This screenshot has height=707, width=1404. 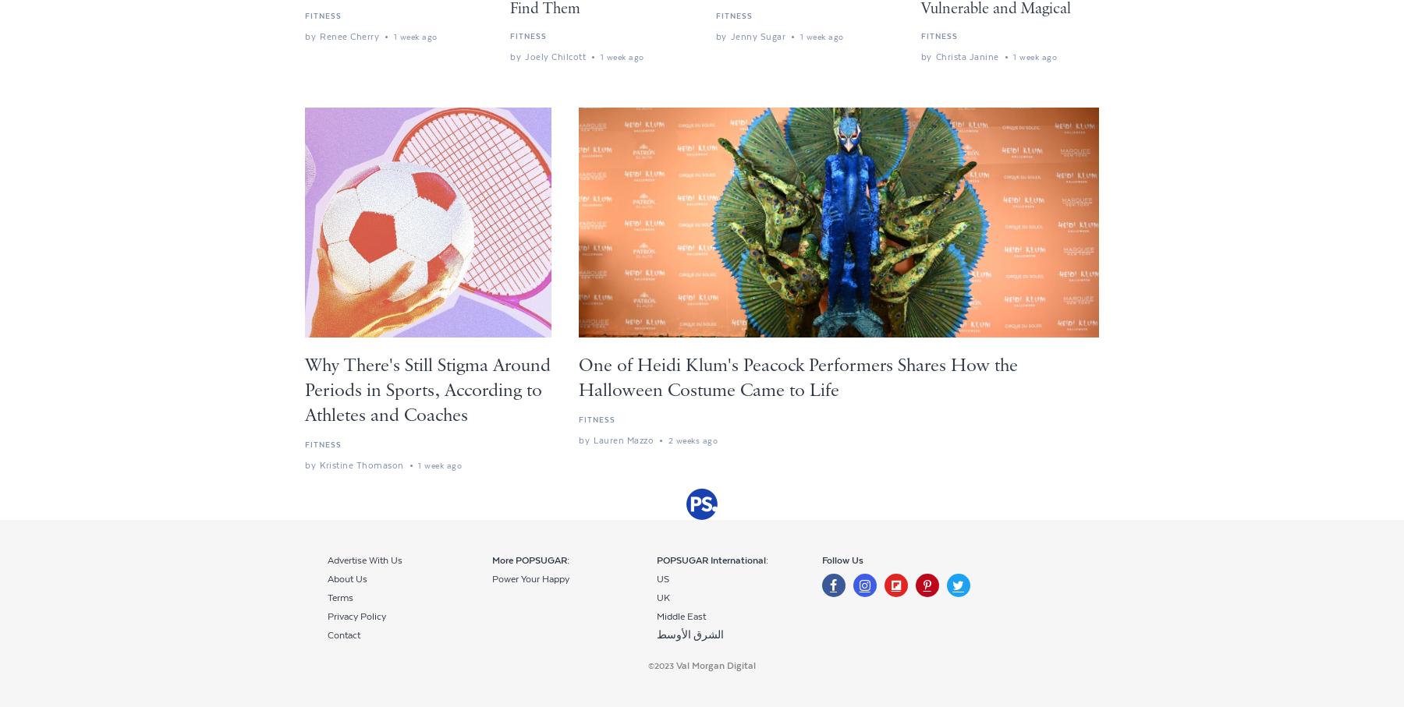 What do you see at coordinates (555, 57) in the screenshot?
I see `'joely chilcott'` at bounding box center [555, 57].